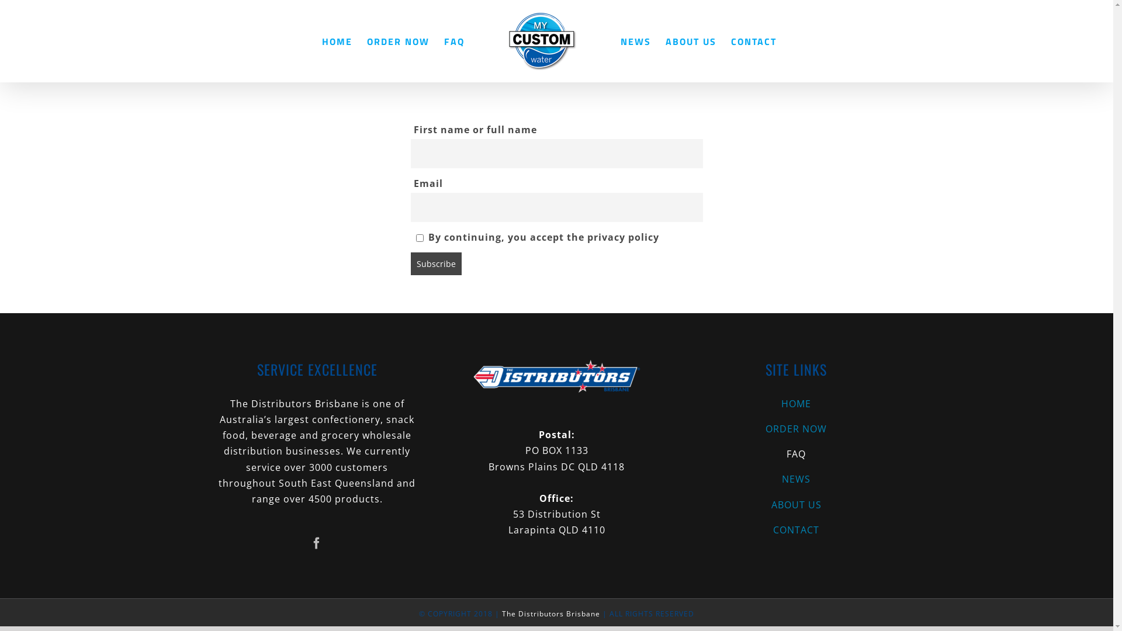 The image size is (1122, 631). Describe the element at coordinates (754, 40) in the screenshot. I see `'CONTACT'` at that location.